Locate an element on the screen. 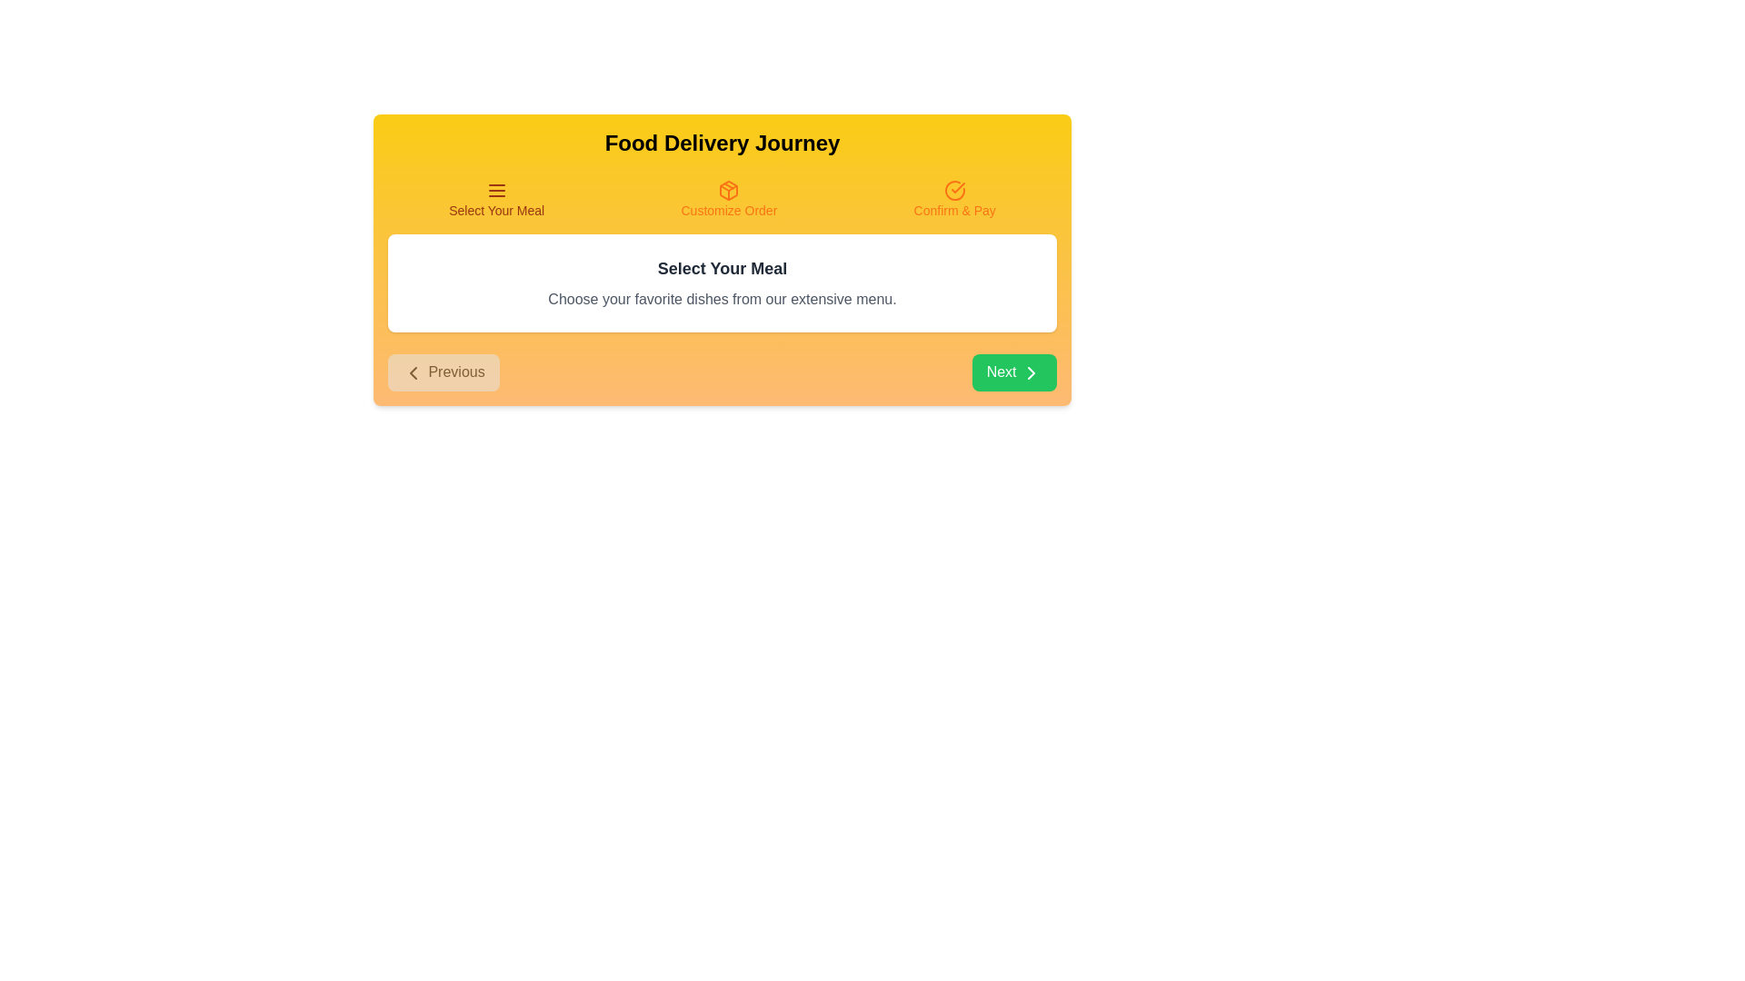 Image resolution: width=1745 pixels, height=981 pixels. the 'Confirm & Pay' button, which features small orange text and a checkmark icon is located at coordinates (953, 199).